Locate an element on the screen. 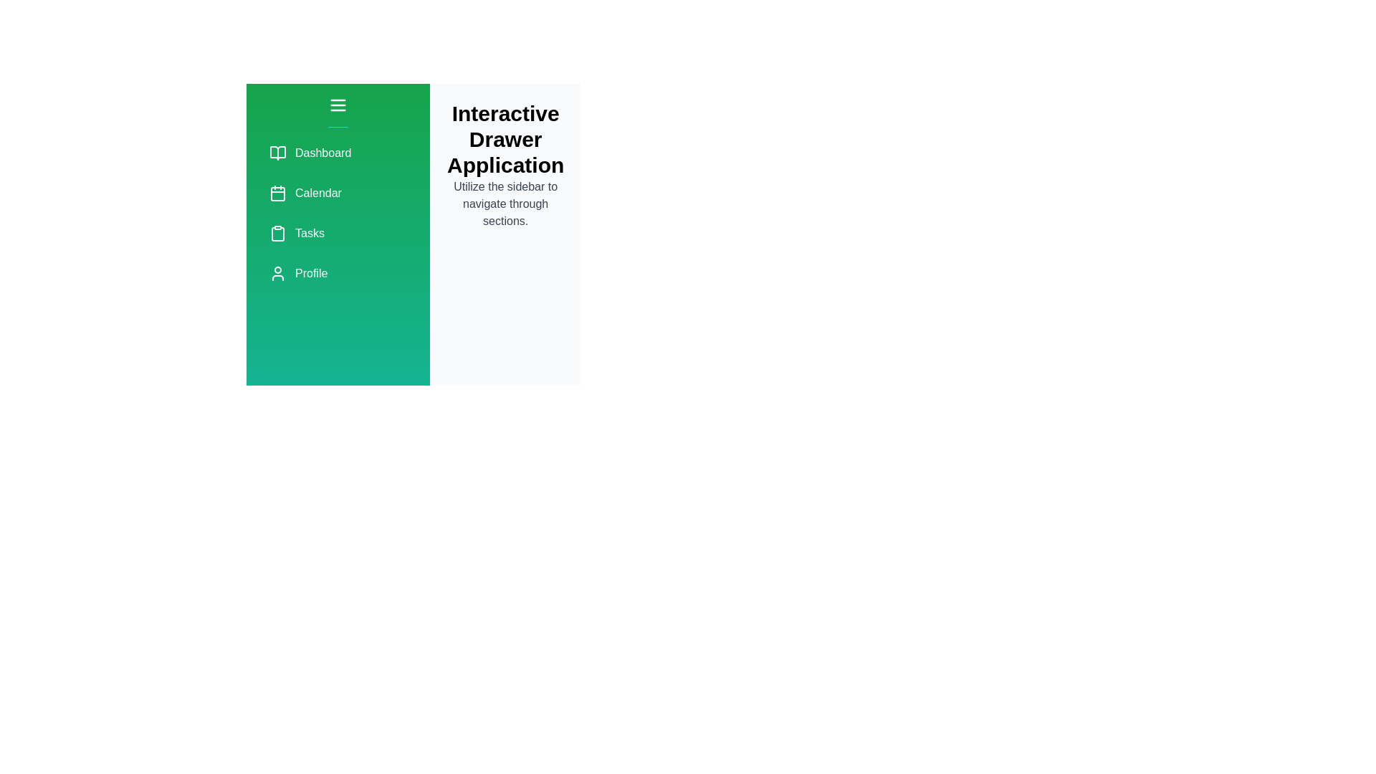 This screenshot has width=1376, height=774. the menu item labeled Calendar to navigate to its respective section is located at coordinates (337, 193).